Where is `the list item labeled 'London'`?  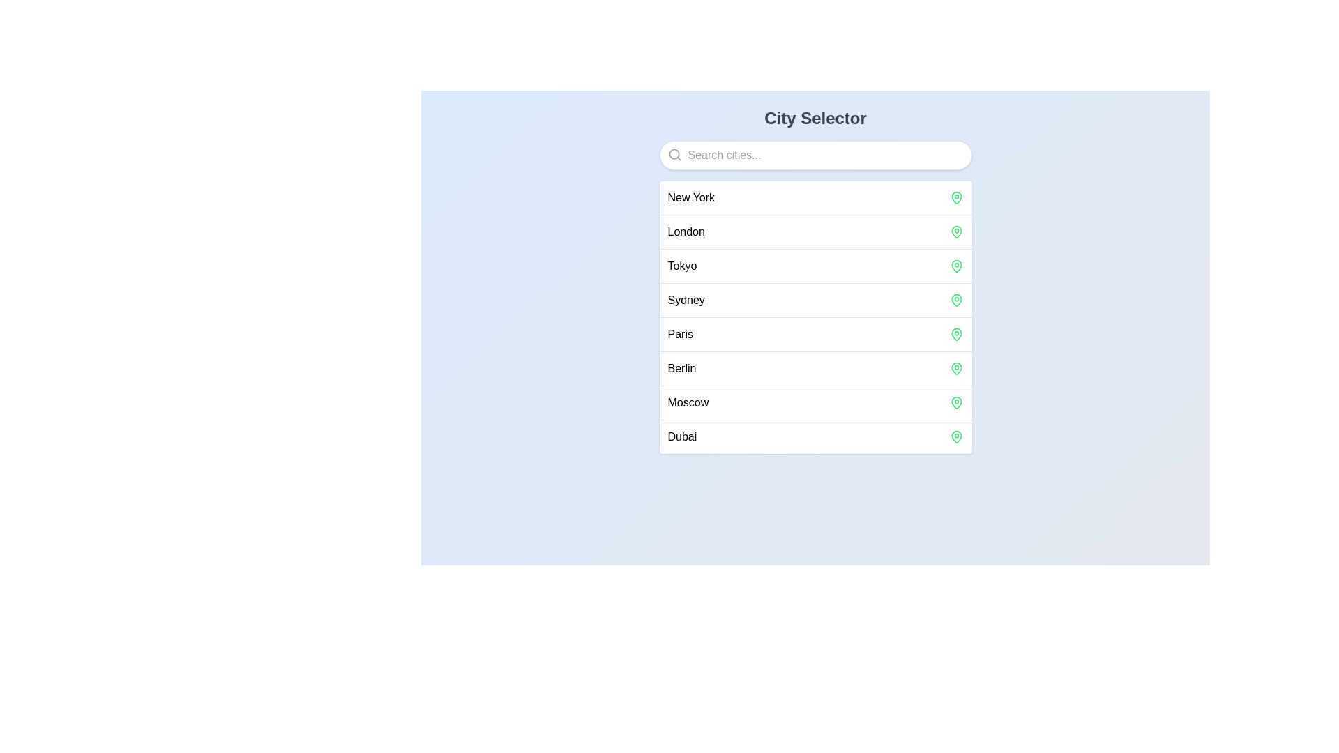 the list item labeled 'London' is located at coordinates (815, 231).